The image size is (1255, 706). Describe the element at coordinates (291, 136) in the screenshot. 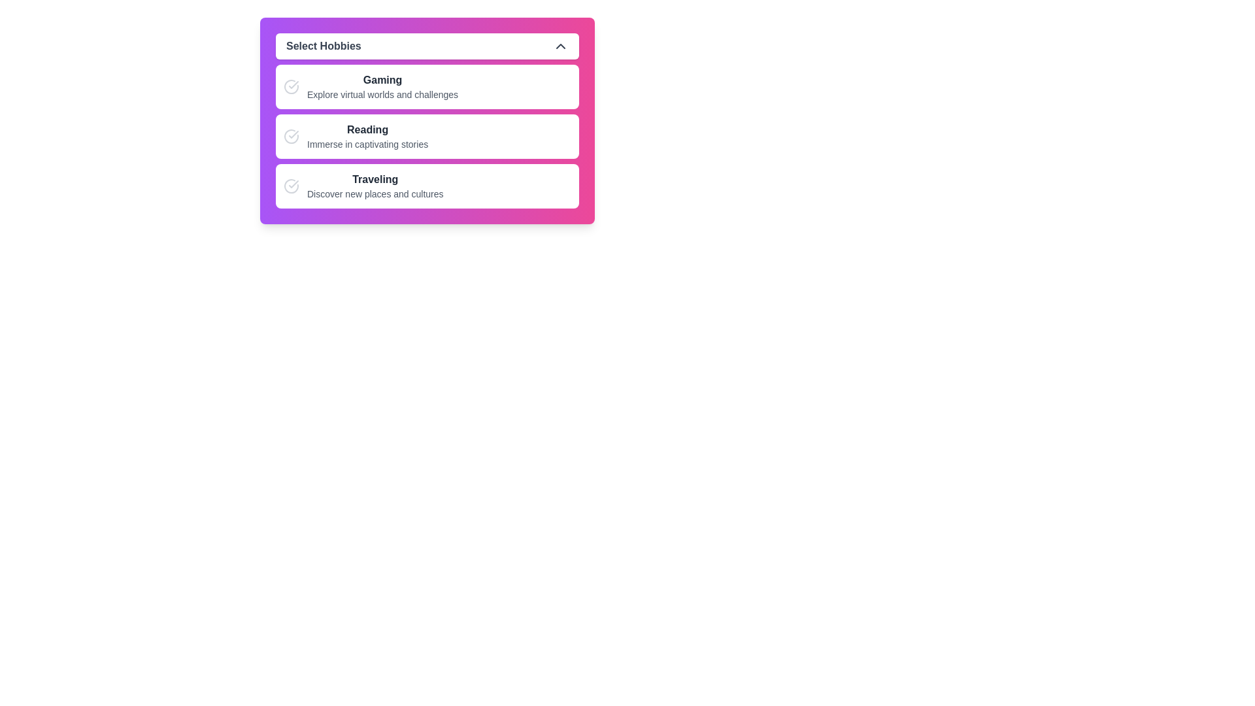

I see `the circular gray check icon next to the bold text 'Reading' in the hobbies selection interface` at that location.